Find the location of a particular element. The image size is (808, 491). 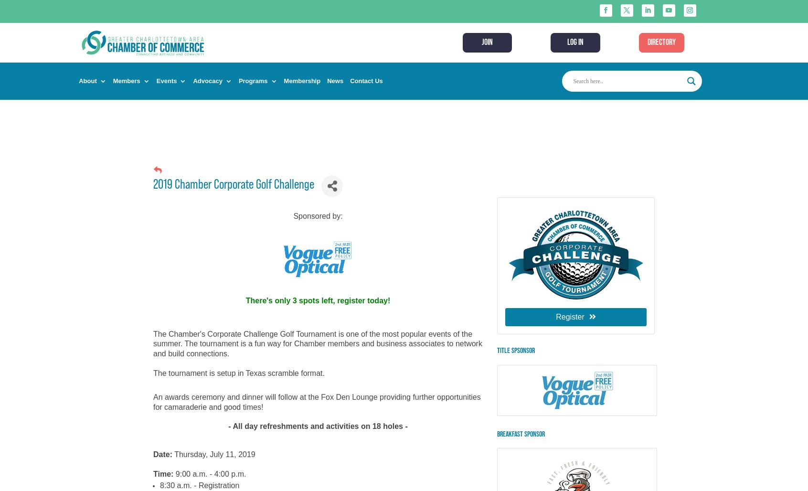

'Policy Library' is located at coordinates (229, 146).